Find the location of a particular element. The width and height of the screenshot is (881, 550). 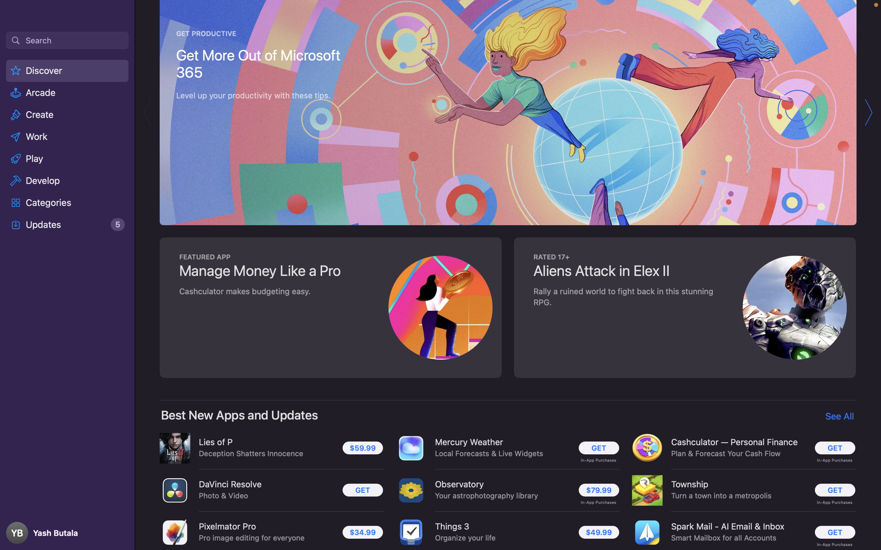

the work category apps on Mac is located at coordinates (67, 136).